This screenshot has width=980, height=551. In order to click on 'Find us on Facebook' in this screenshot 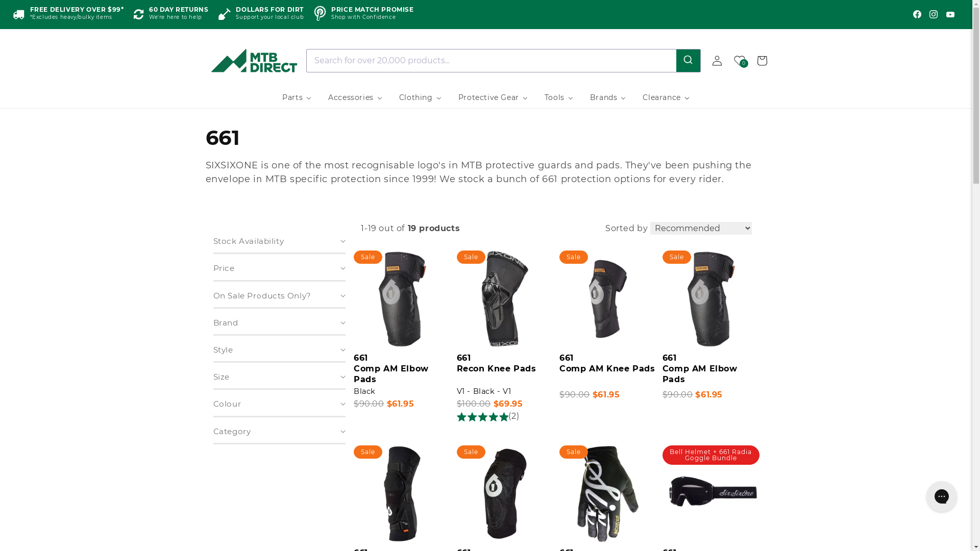, I will do `click(917, 14)`.